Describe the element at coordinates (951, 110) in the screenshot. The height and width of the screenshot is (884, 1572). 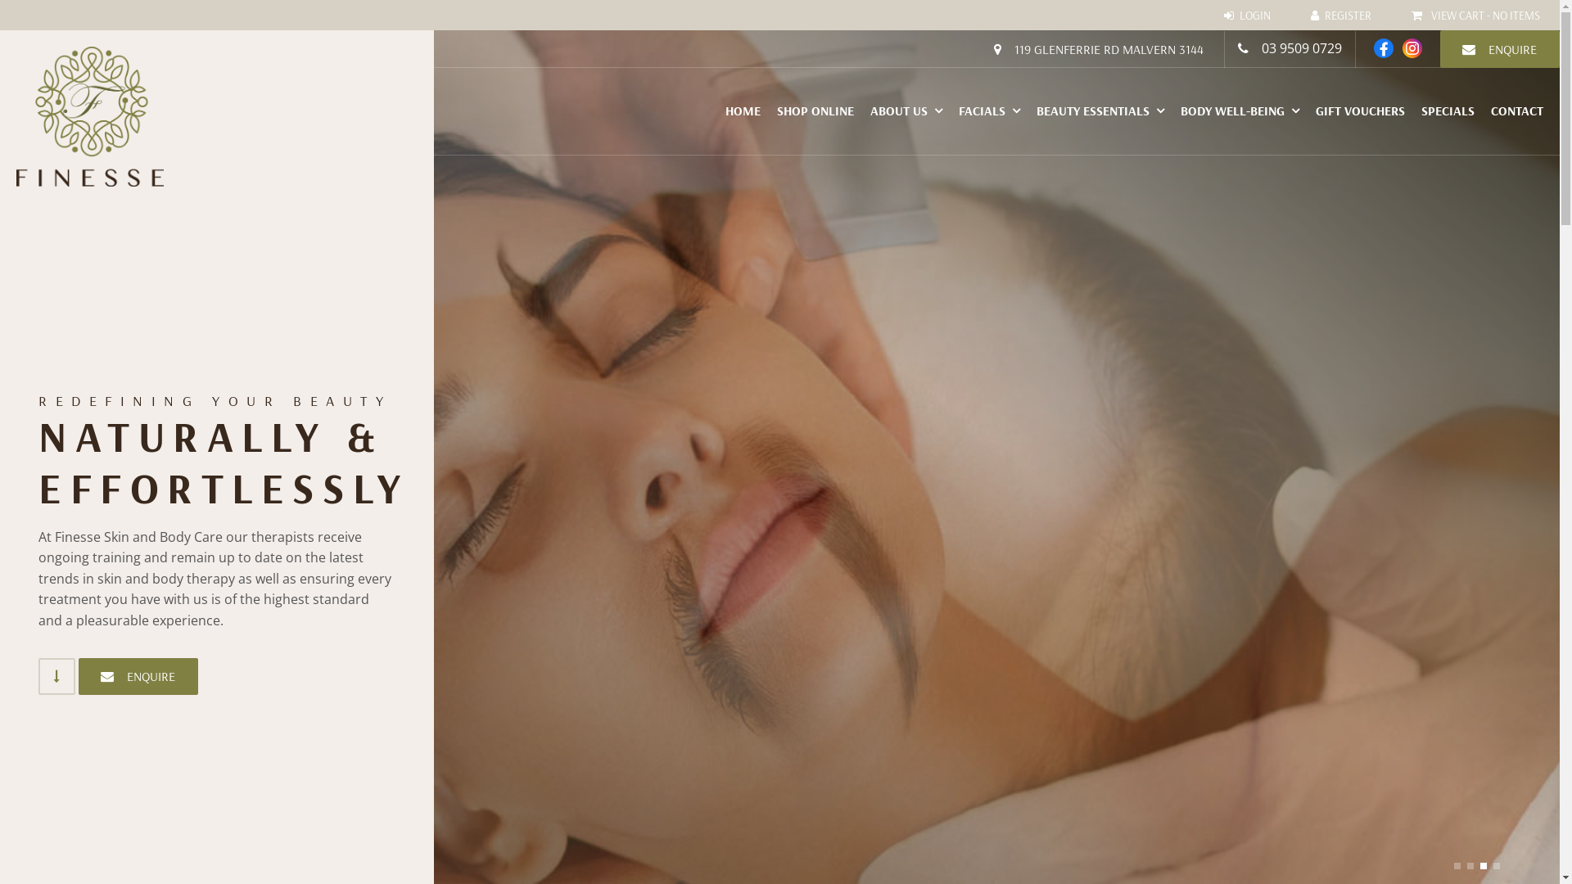
I see `'FACIALS'` at that location.